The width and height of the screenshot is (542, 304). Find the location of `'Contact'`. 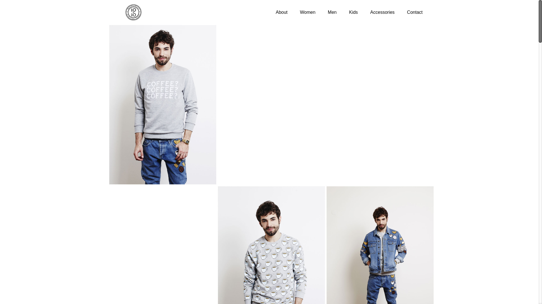

'Contact' is located at coordinates (415, 12).